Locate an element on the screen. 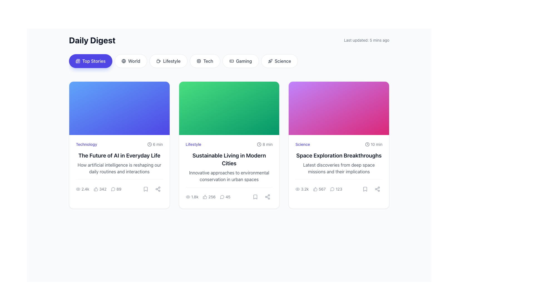 The image size is (534, 300). the estimated reading time text with an icon located in the upper-right section of the first news card, to the right of the 'Technology' header is located at coordinates (155, 144).